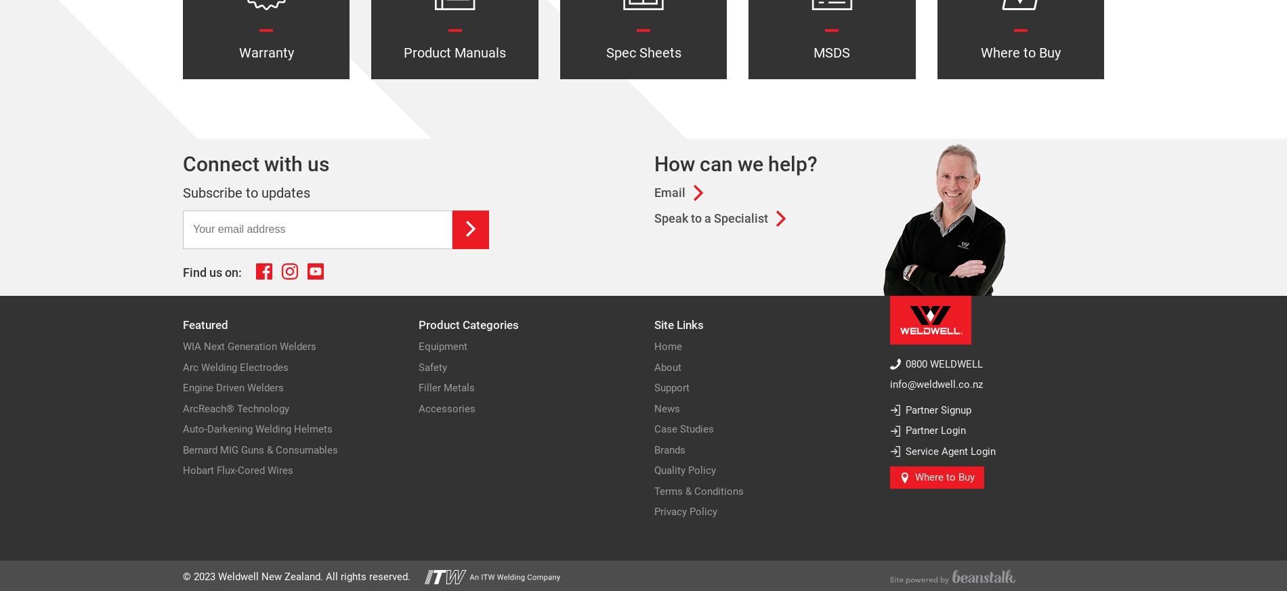  What do you see at coordinates (182, 470) in the screenshot?
I see `'Hobart Flux-Cored Wires'` at bounding box center [182, 470].